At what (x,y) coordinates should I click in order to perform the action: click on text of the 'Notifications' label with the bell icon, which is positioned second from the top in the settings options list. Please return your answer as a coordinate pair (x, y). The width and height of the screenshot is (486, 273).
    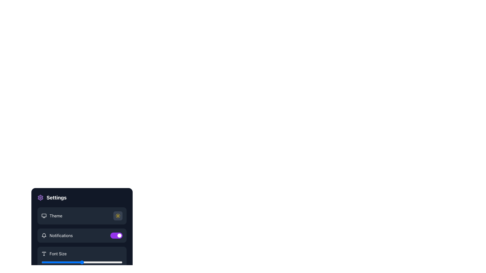
    Looking at the image, I should click on (57, 236).